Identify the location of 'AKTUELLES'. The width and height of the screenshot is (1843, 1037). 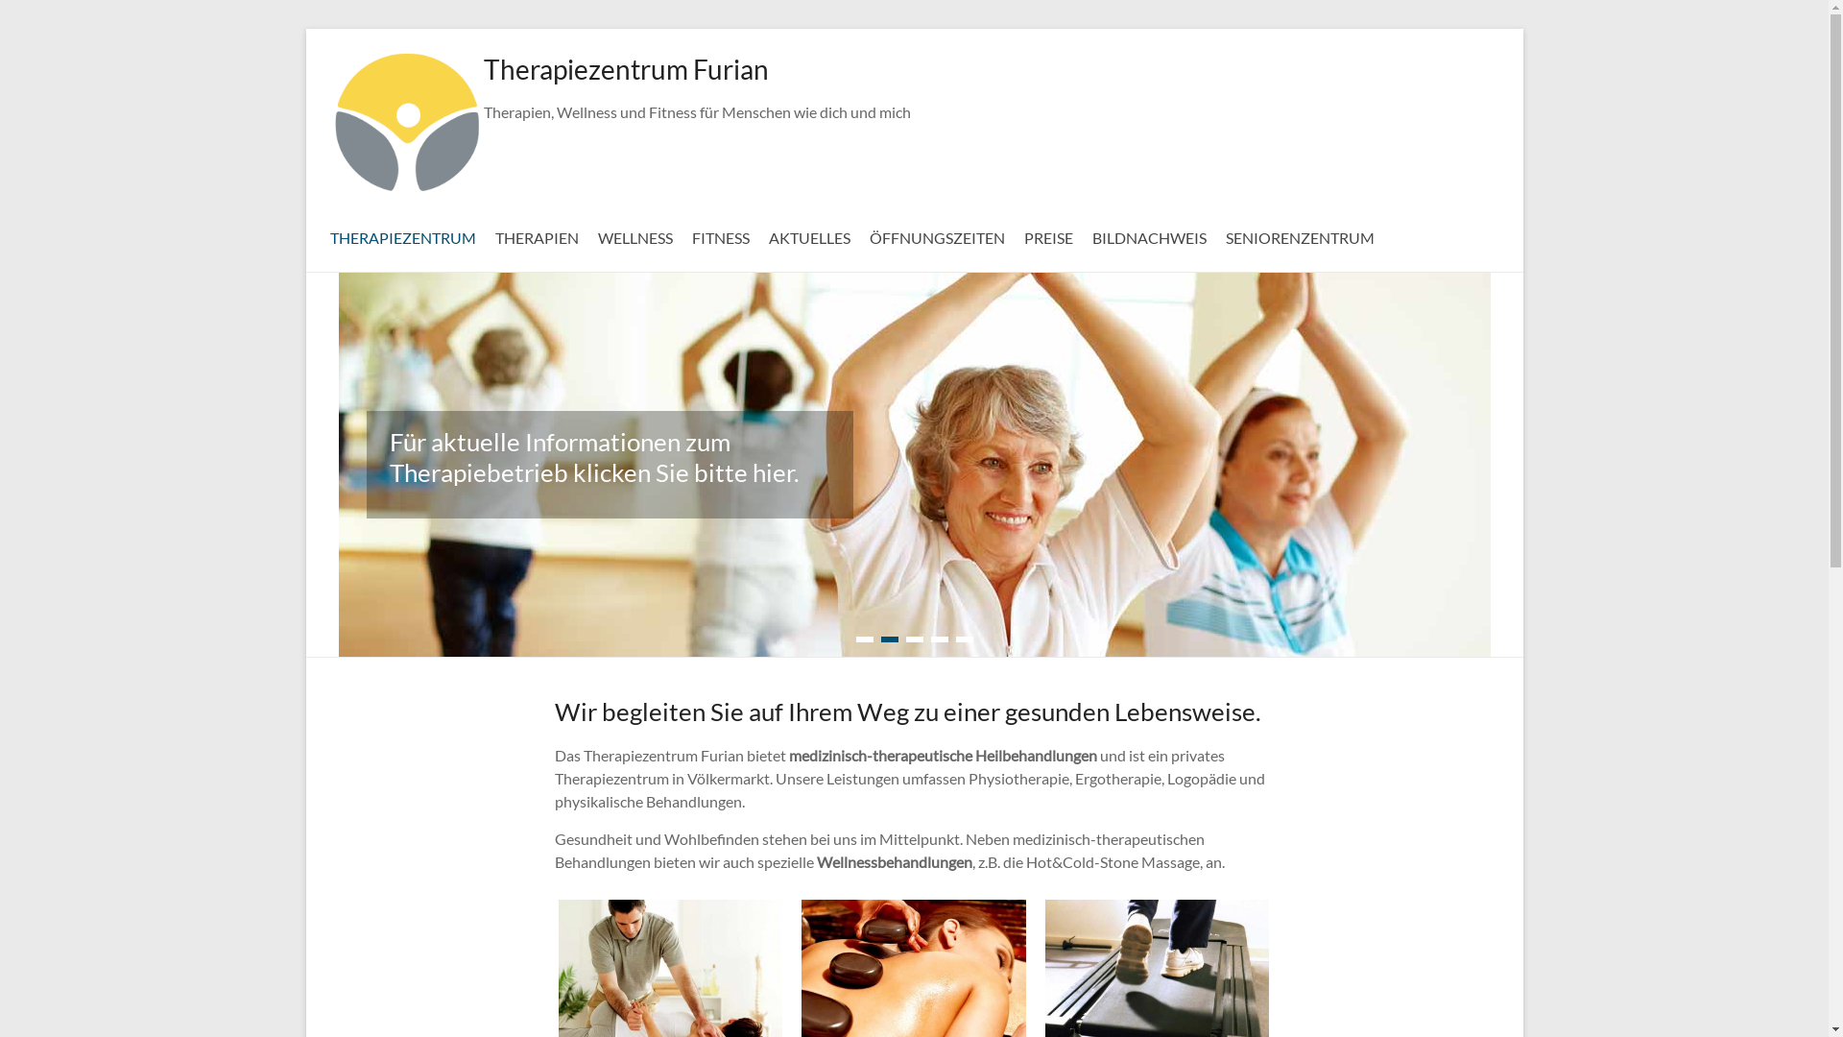
(808, 234).